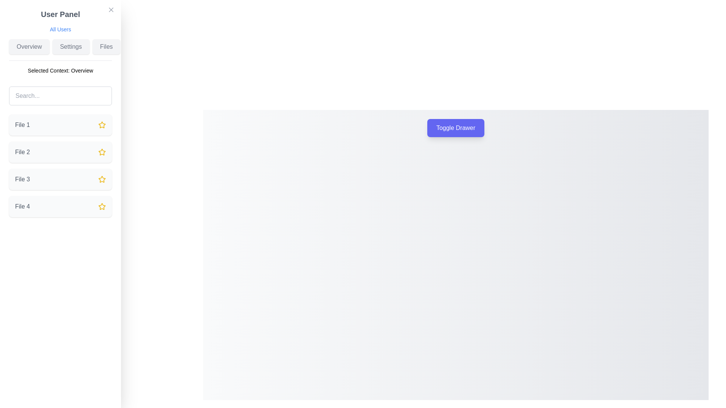 The width and height of the screenshot is (726, 408). Describe the element at coordinates (101, 152) in the screenshot. I see `the star icon associated with 'File 2' in the User Panel` at that location.